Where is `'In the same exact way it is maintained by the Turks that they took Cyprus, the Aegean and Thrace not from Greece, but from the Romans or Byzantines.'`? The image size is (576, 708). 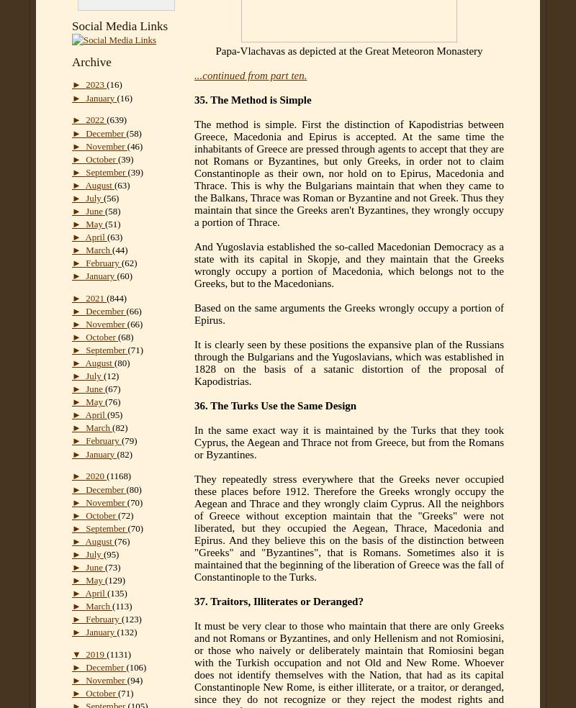
'In the same exact way it is maintained by the Turks that they took Cyprus, the Aegean and Thrace not from Greece, but from the Romans or Byzantines.' is located at coordinates (194, 442).